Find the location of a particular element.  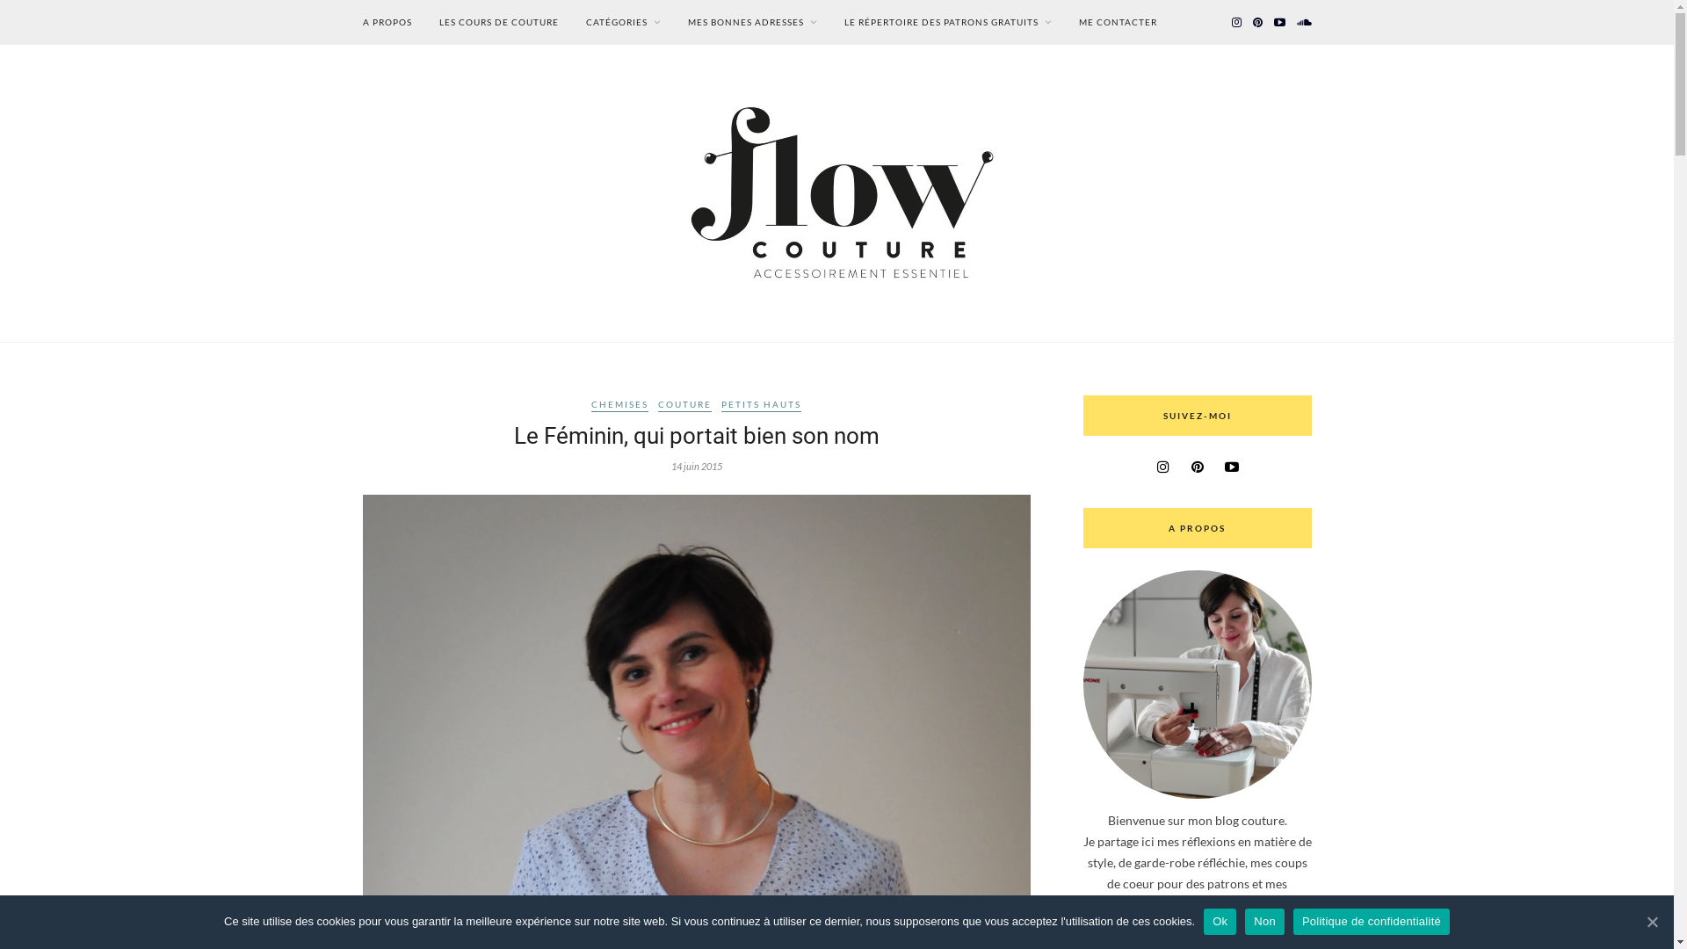

'MES BONNES ADRESSES' is located at coordinates (751, 22).